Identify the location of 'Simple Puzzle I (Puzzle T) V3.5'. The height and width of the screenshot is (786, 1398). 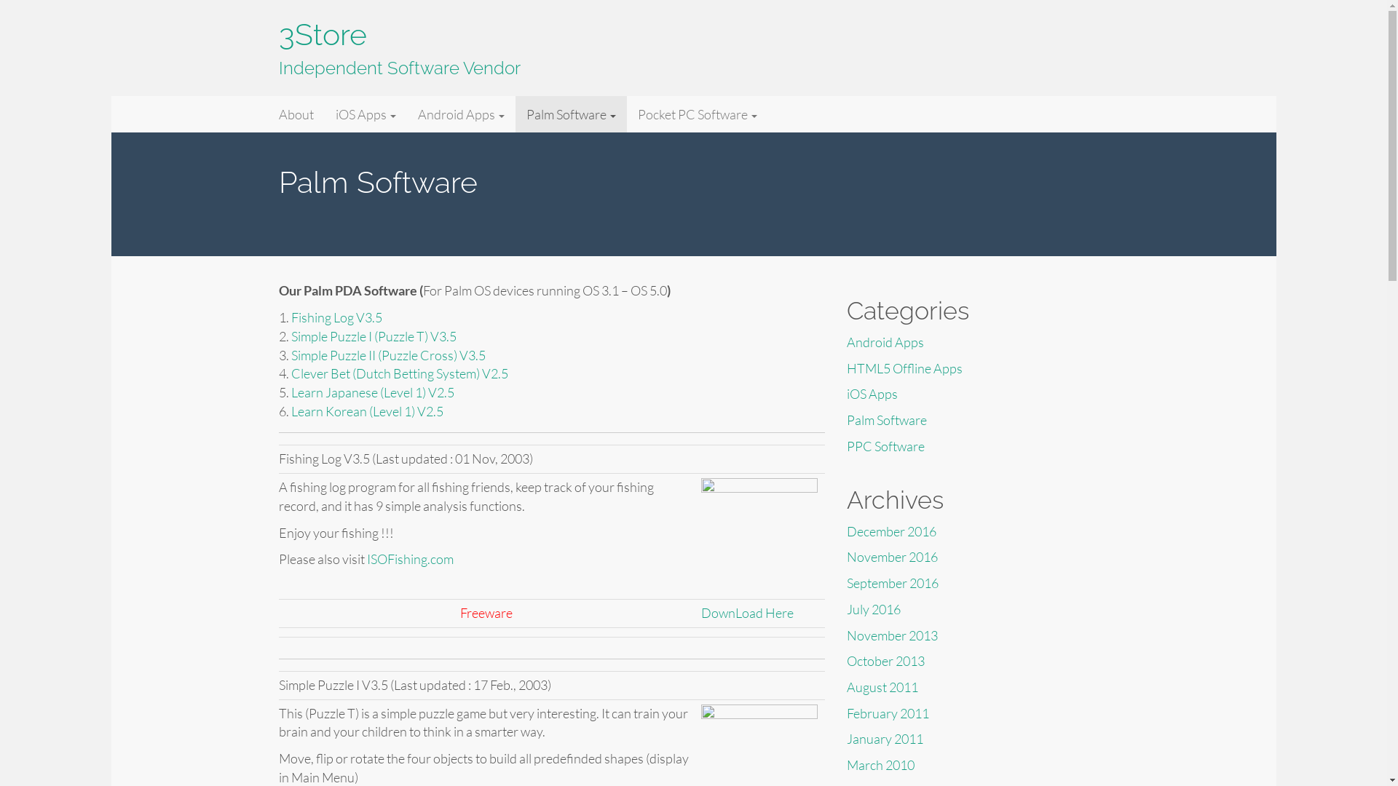
(291, 336).